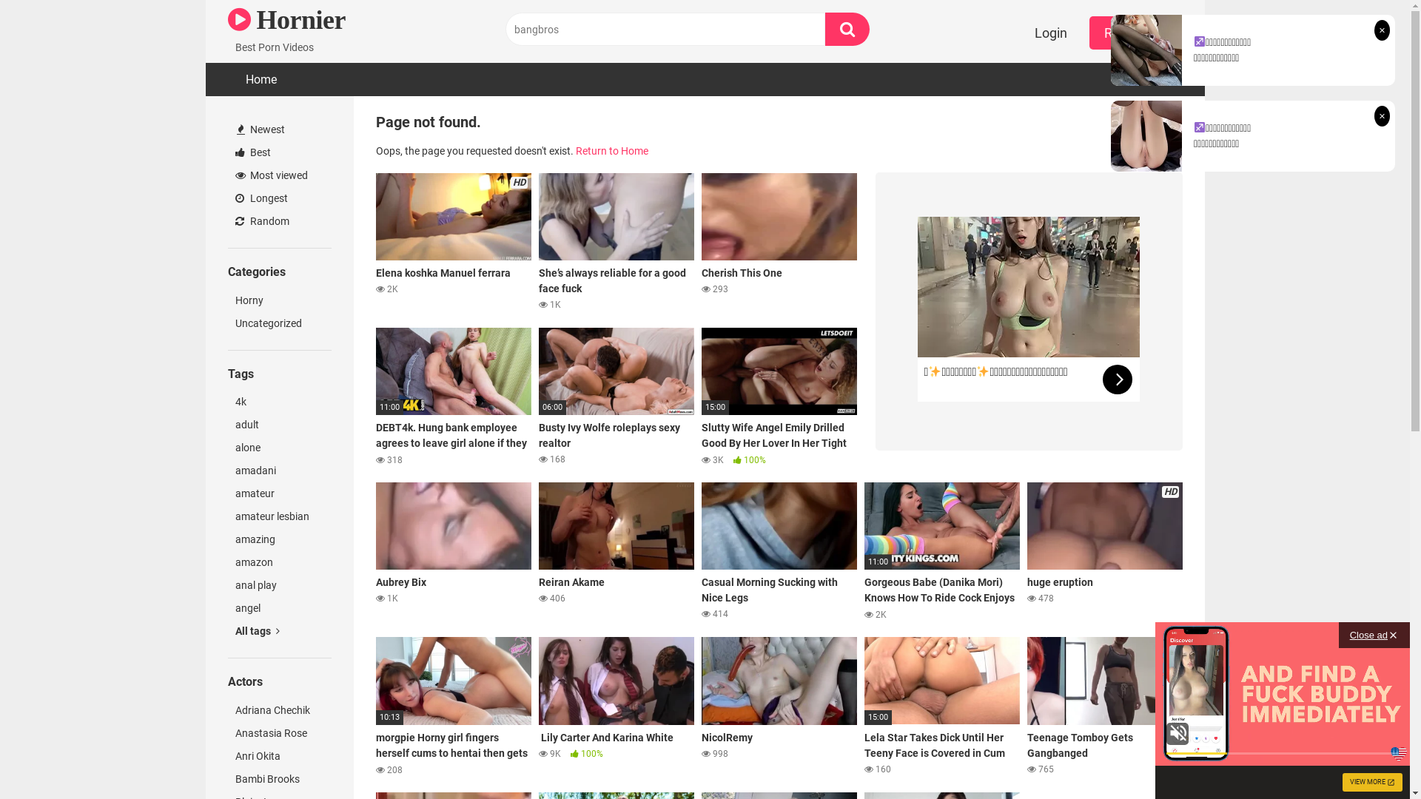 This screenshot has width=1421, height=799. I want to click on 'Longest', so click(280, 198).